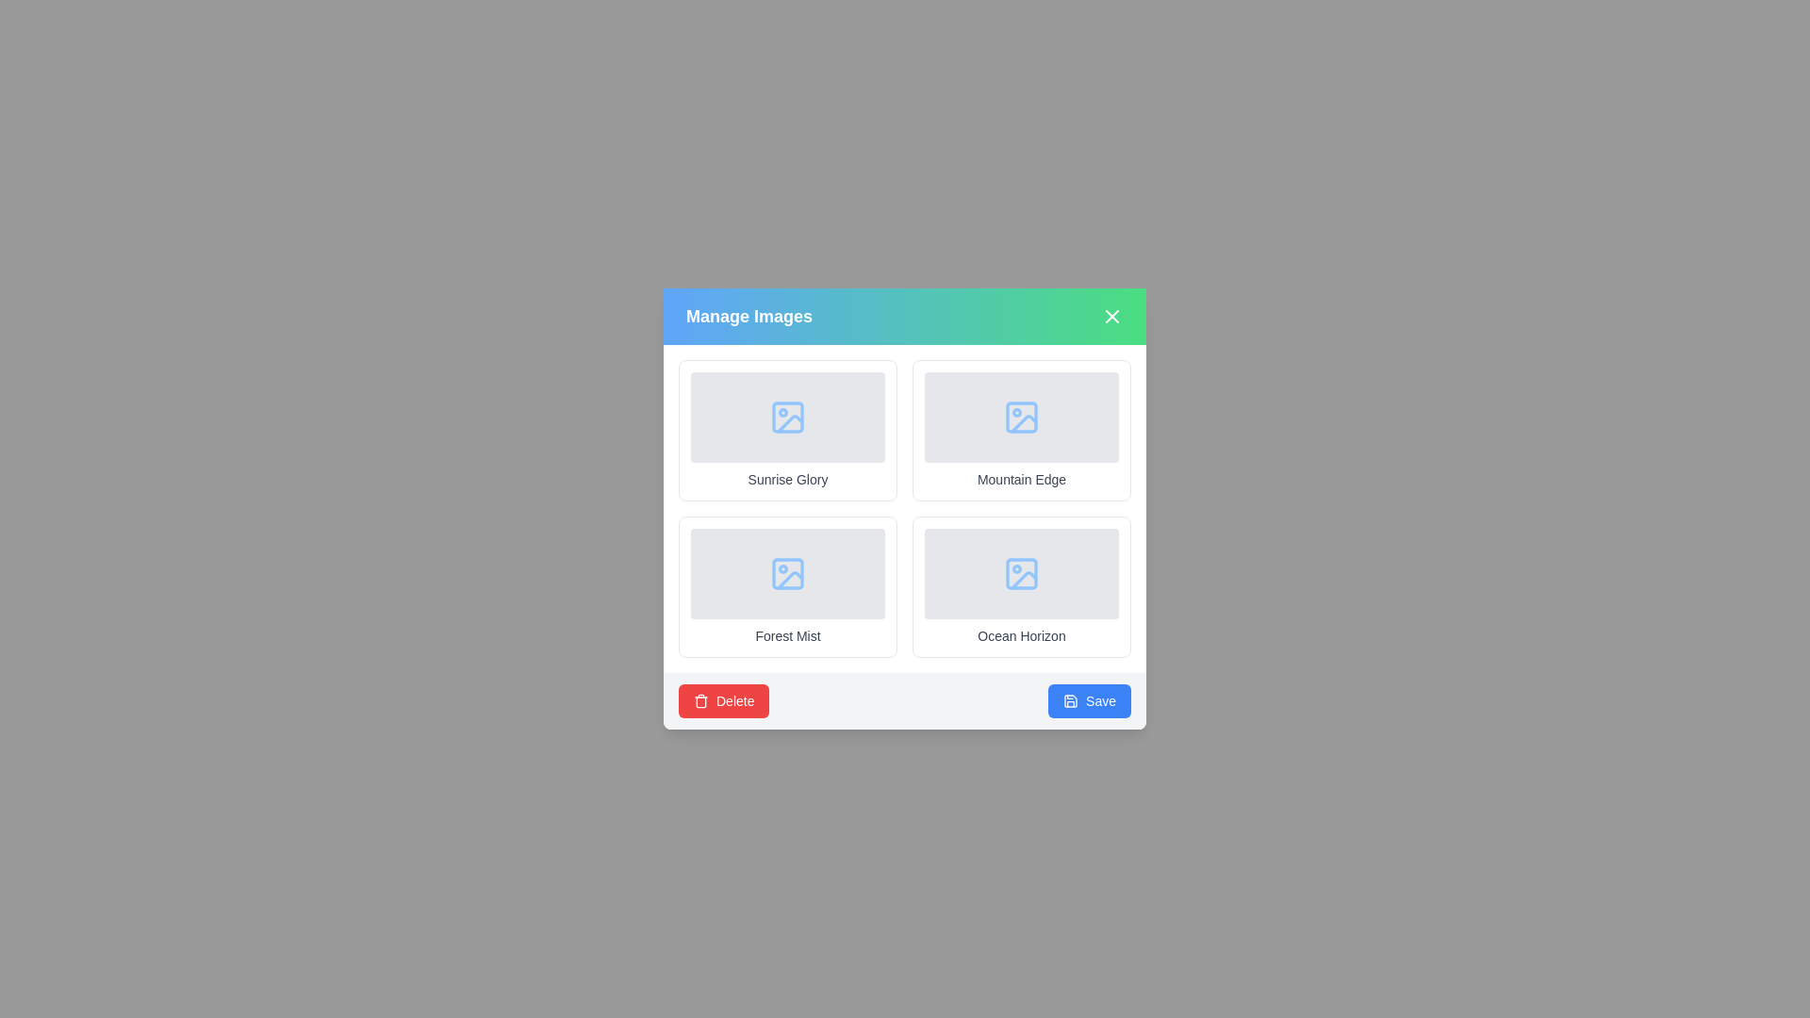 The height and width of the screenshot is (1018, 1810). Describe the element at coordinates (723, 701) in the screenshot. I see `the 'Delete' button, which is a rectangular red button with white text and a trash icon, located in the bottom-left section of a footer bar in a dialog box, to activate visual feedback` at that location.